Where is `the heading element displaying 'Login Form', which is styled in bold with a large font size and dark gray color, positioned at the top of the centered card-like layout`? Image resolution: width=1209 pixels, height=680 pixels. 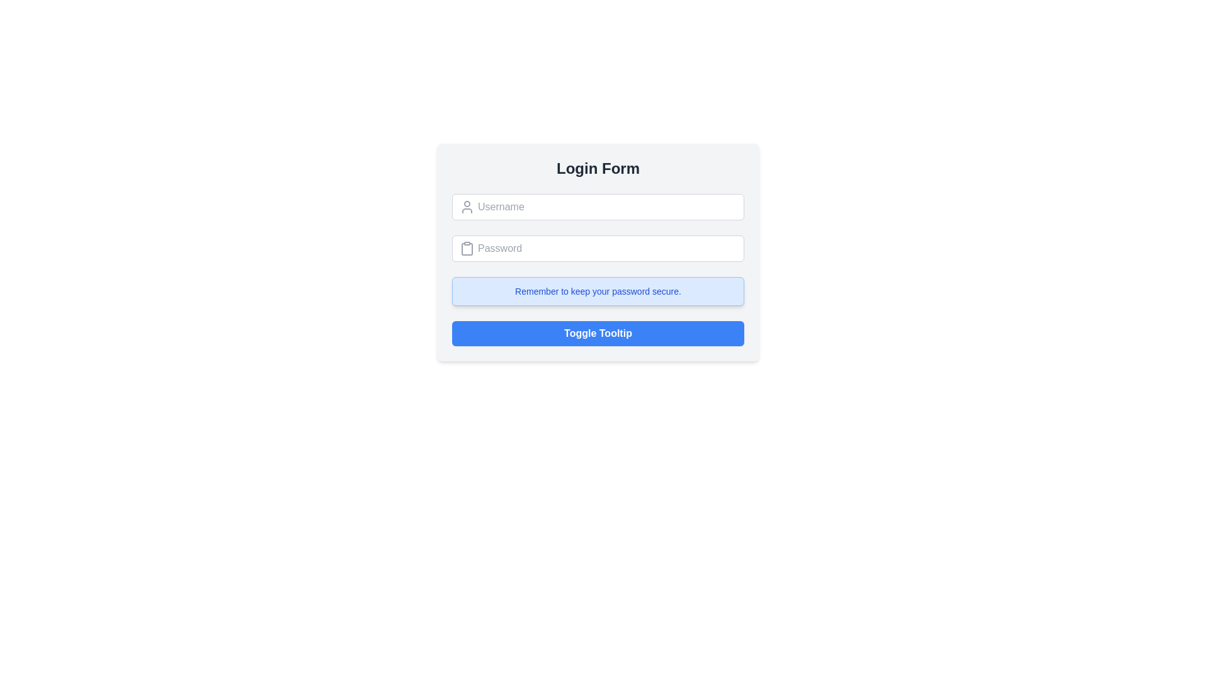 the heading element displaying 'Login Form', which is styled in bold with a large font size and dark gray color, positioned at the top of the centered card-like layout is located at coordinates (598, 167).